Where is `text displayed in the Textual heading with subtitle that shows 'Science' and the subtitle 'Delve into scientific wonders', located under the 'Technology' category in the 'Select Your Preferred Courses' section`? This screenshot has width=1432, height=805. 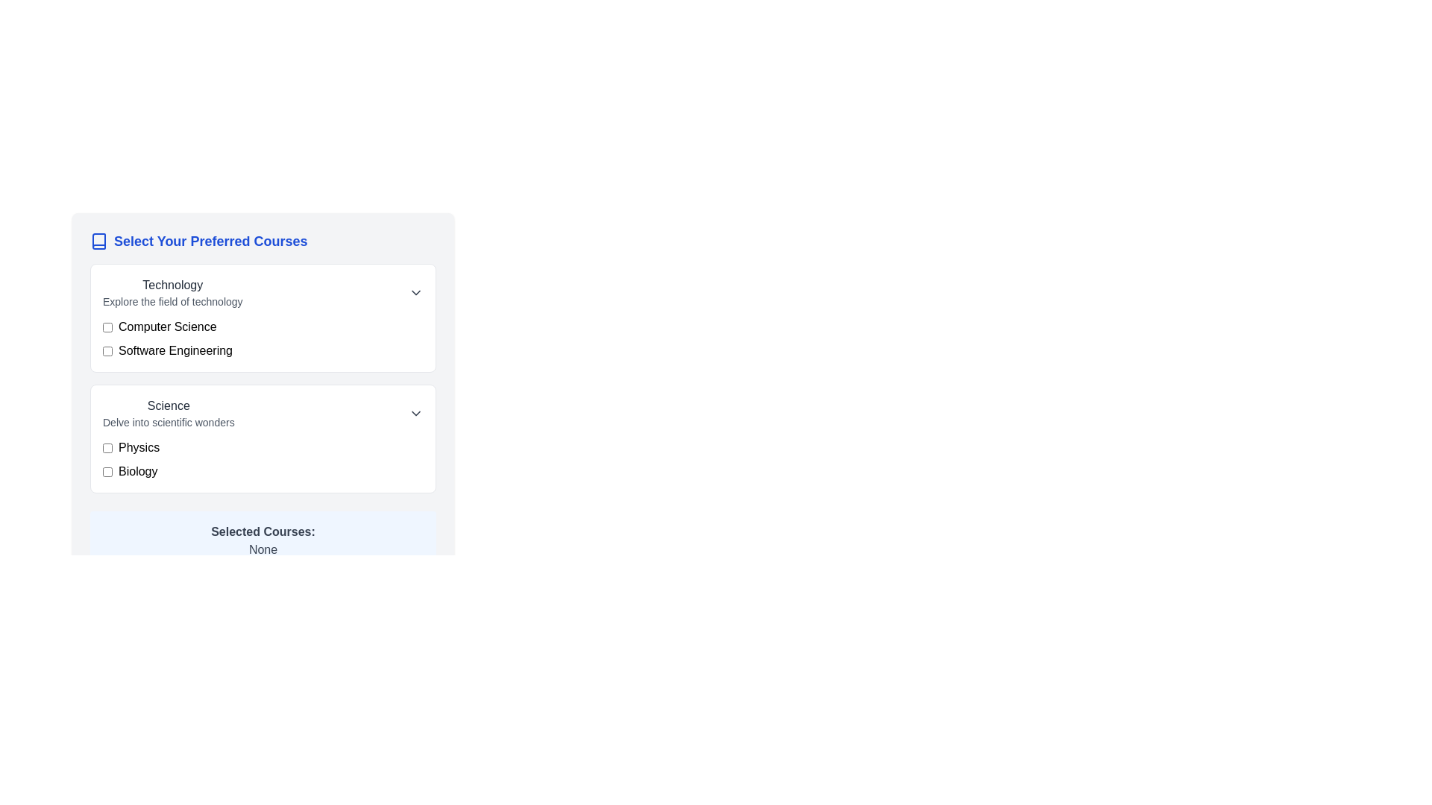
text displayed in the Textual heading with subtitle that shows 'Science' and the subtitle 'Delve into scientific wonders', located under the 'Technology' category in the 'Select Your Preferred Courses' section is located at coordinates (169, 414).